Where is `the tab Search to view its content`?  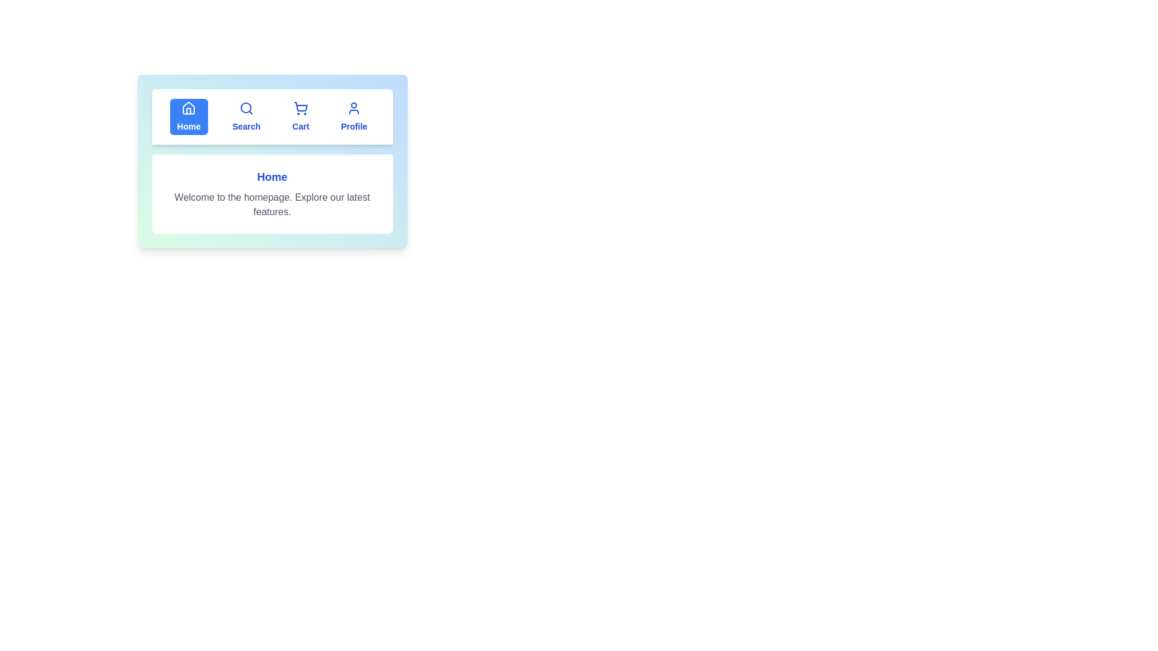 the tab Search to view its content is located at coordinates (245, 116).